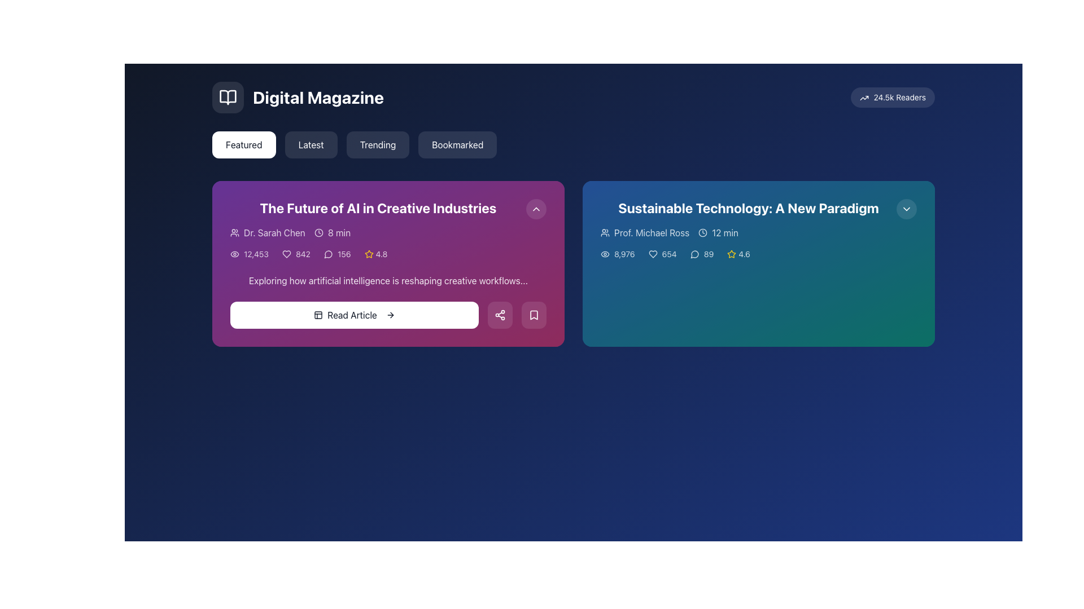 Image resolution: width=1084 pixels, height=609 pixels. Describe the element at coordinates (738, 254) in the screenshot. I see `the rating score element which consists of a numerical score and a star icon, located below the heading 'Sustainable Technology: A New Paradigm.'` at that location.